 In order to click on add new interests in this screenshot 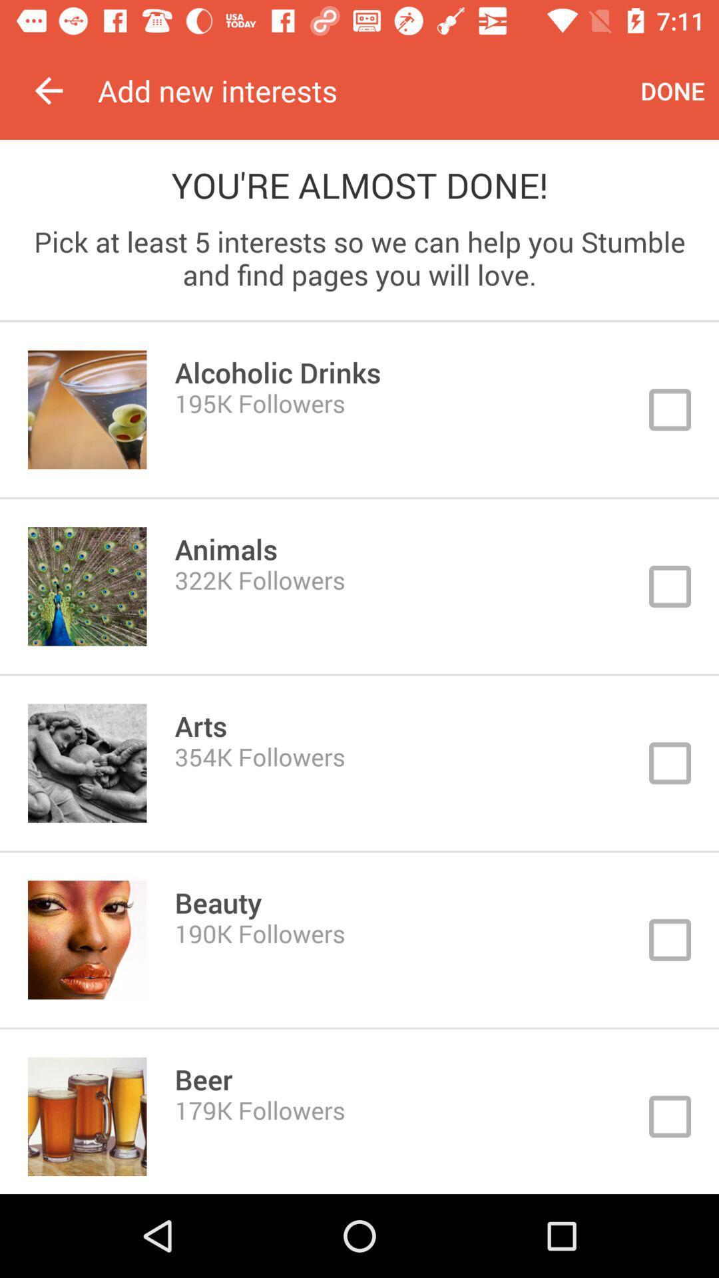, I will do `click(362, 90)`.